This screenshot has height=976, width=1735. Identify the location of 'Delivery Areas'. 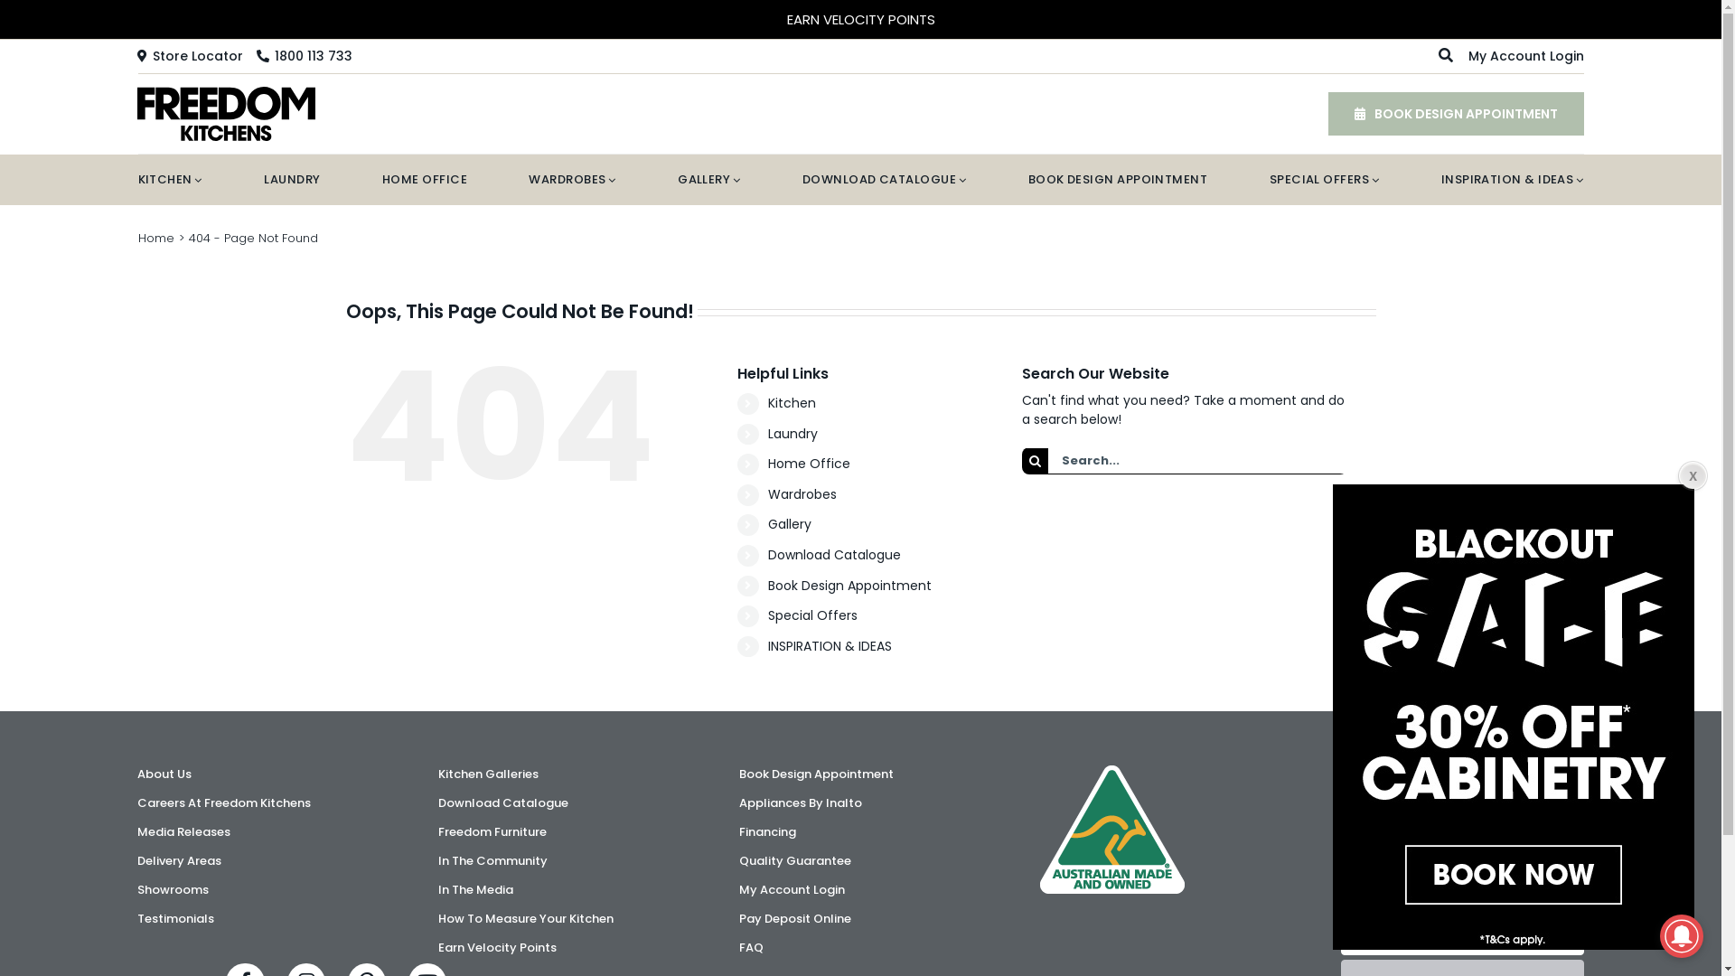
(136, 859).